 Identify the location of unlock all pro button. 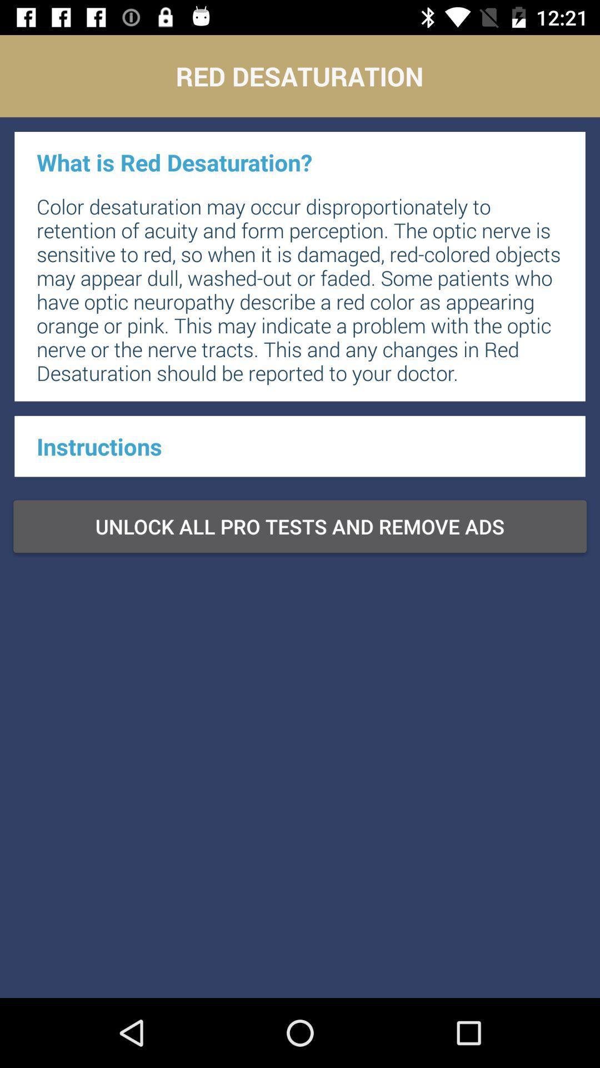
(300, 526).